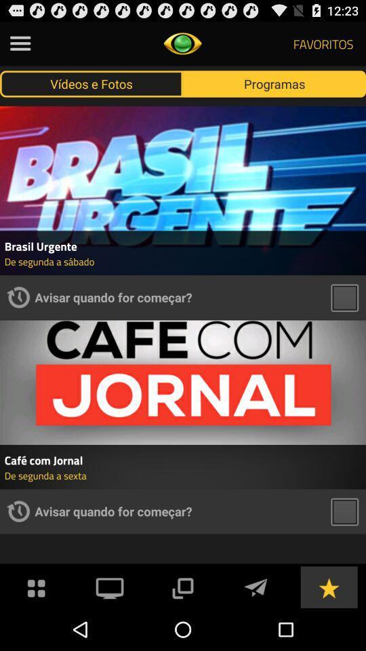 The width and height of the screenshot is (366, 651). I want to click on tab to select, so click(344, 511).